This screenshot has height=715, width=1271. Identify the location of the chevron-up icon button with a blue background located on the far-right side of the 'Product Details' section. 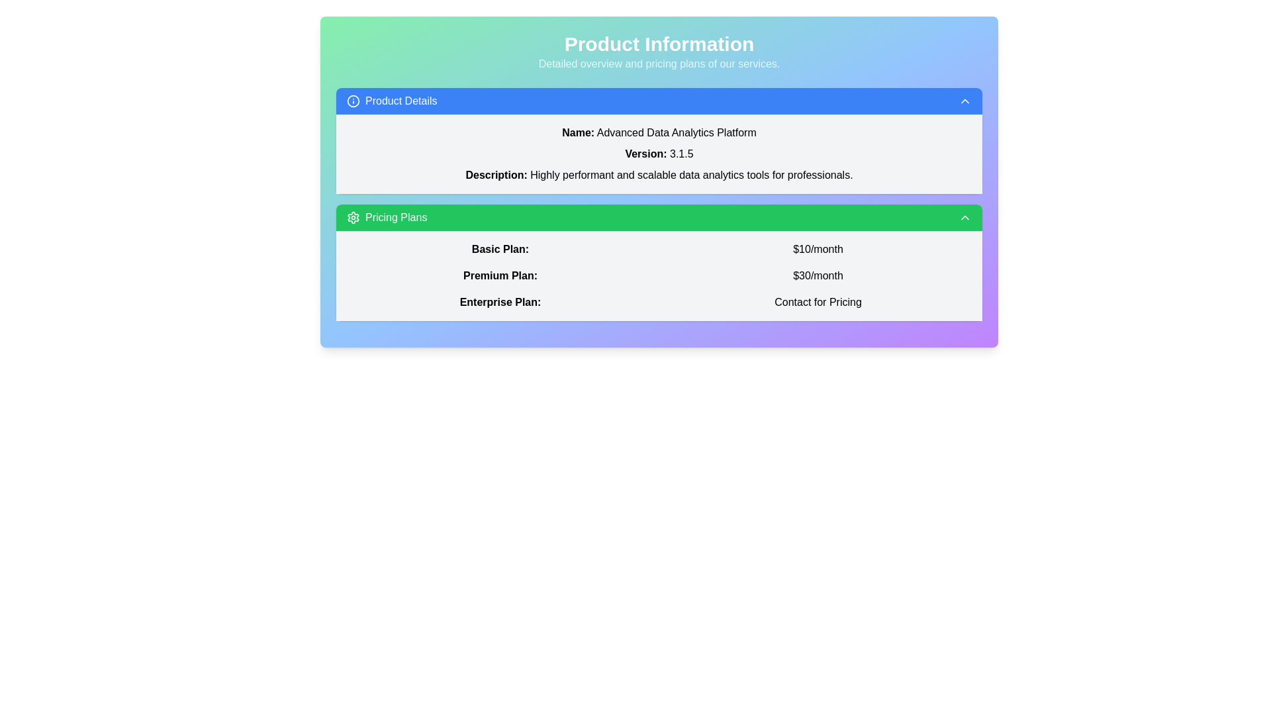
(965, 101).